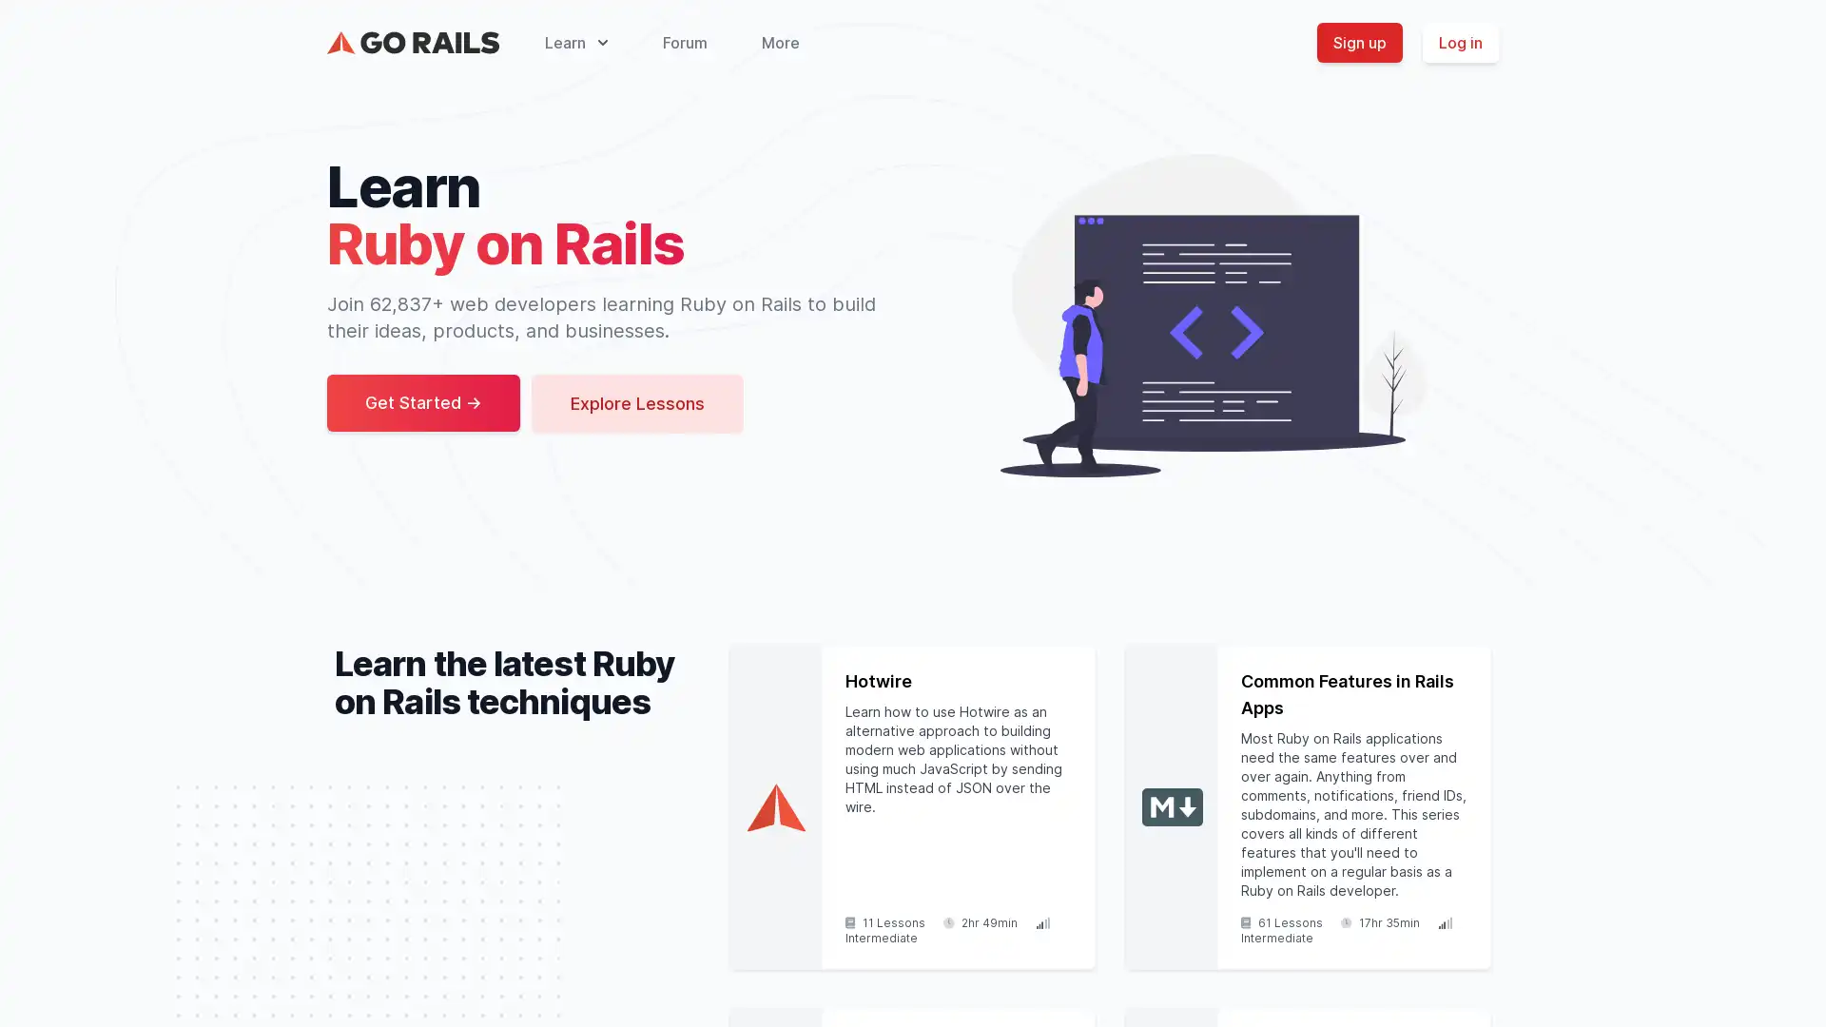 The height and width of the screenshot is (1027, 1826). What do you see at coordinates (577, 43) in the screenshot?
I see `Learn` at bounding box center [577, 43].